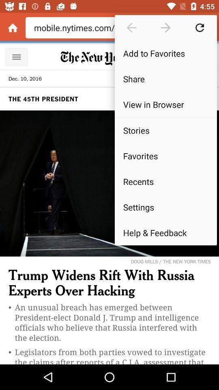  Describe the element at coordinates (165, 28) in the screenshot. I see `next` at that location.